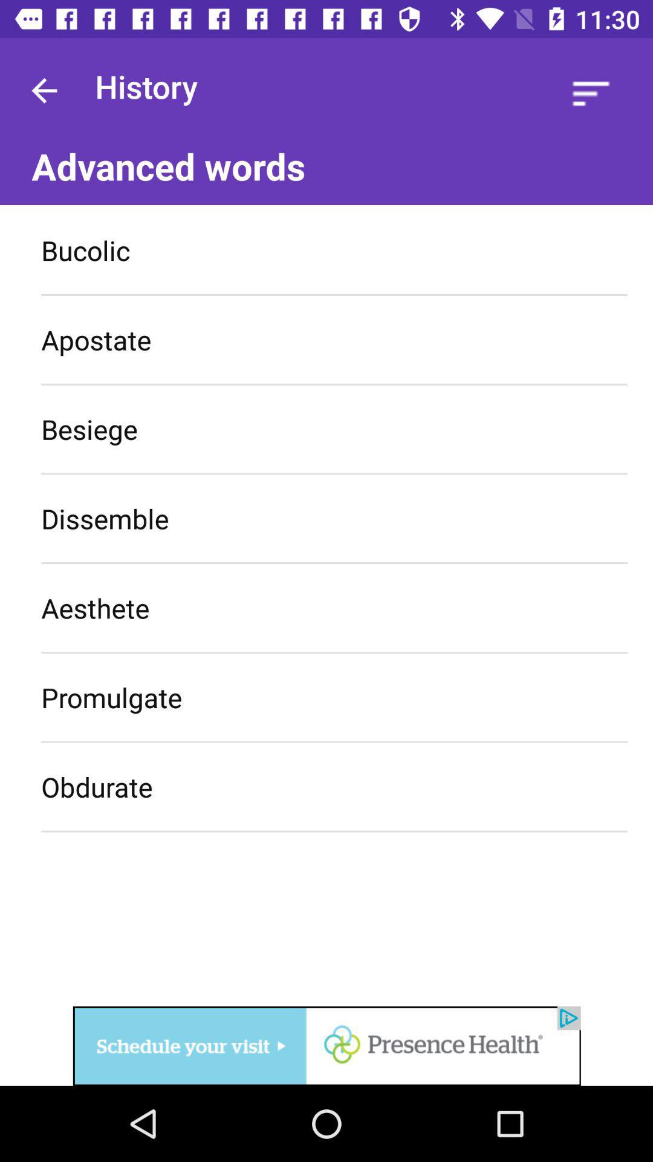 This screenshot has height=1162, width=653. I want to click on go back, so click(44, 88).